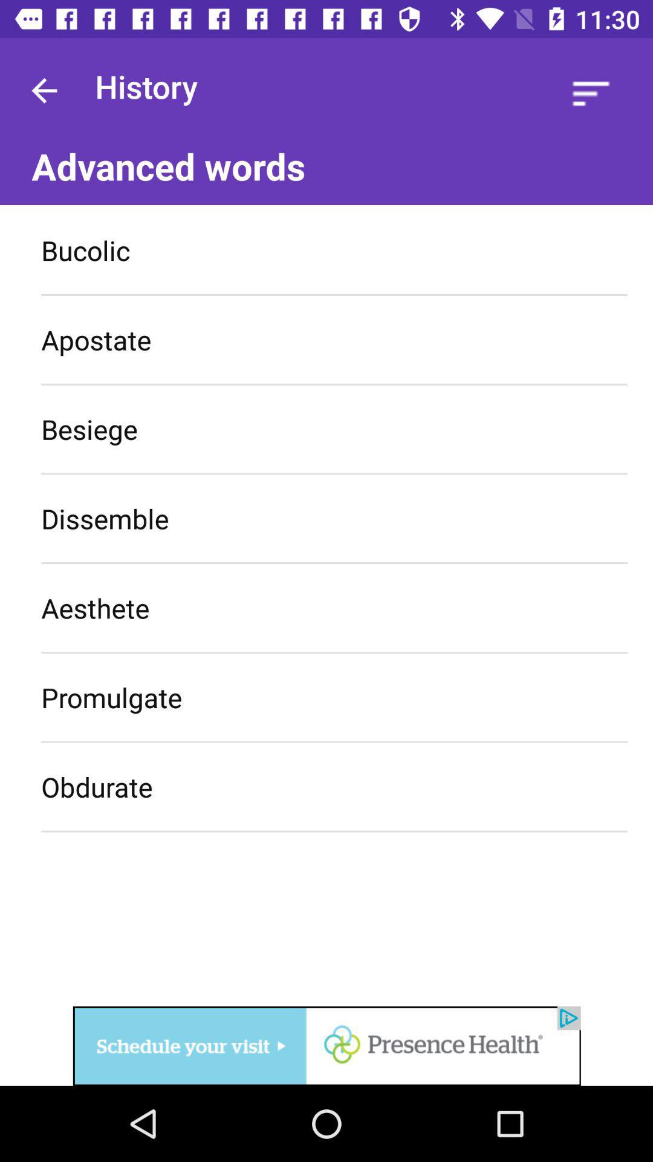 This screenshot has height=1162, width=653. I want to click on go back, so click(44, 88).